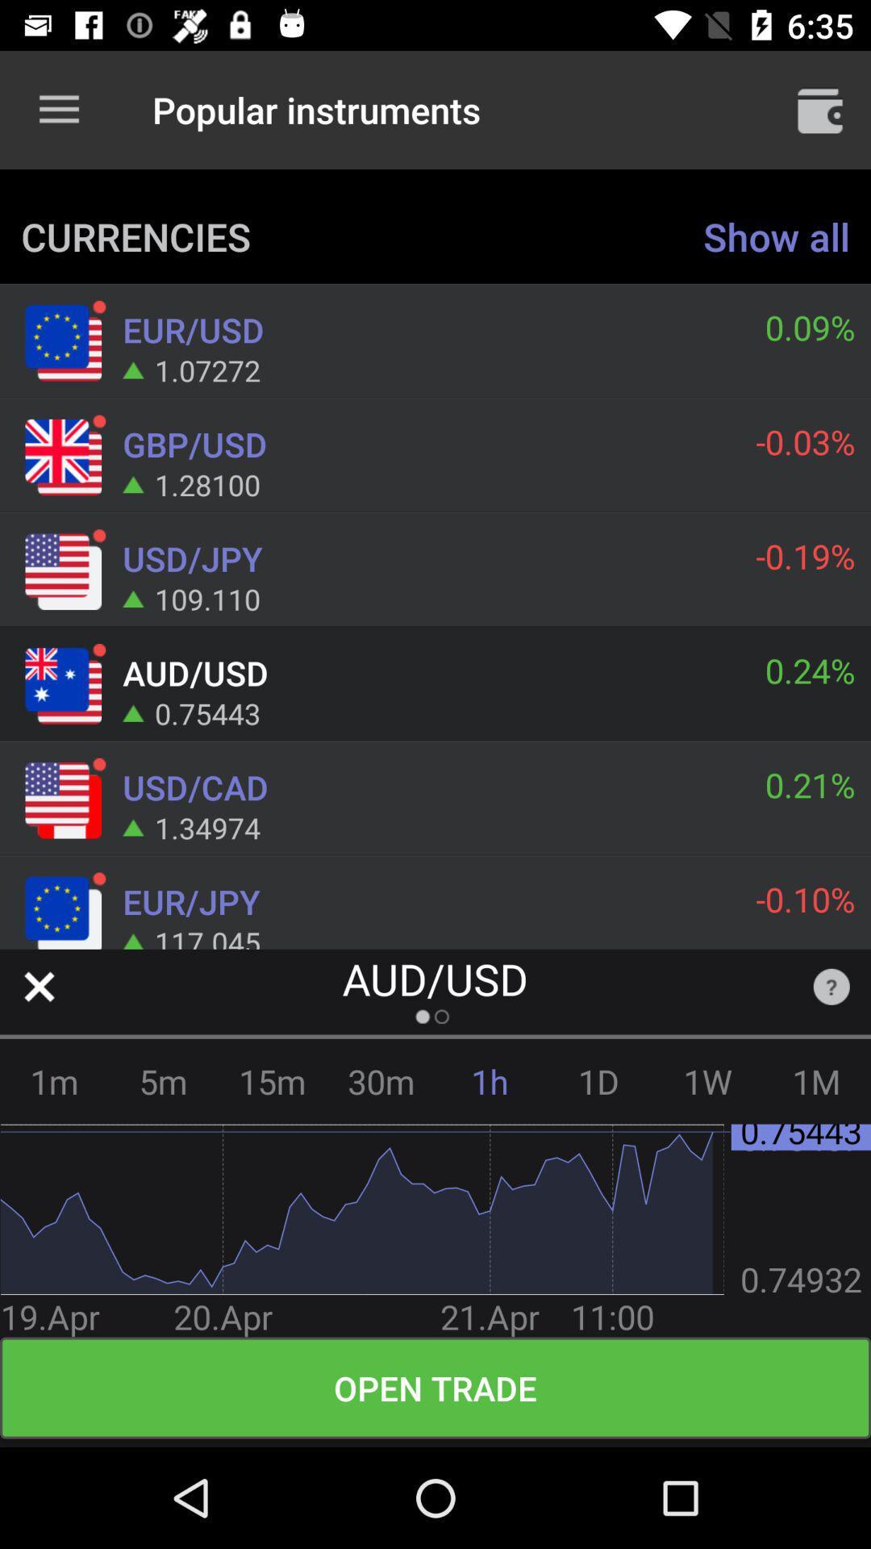 The height and width of the screenshot is (1549, 871). Describe the element at coordinates (489, 1081) in the screenshot. I see `1h icon` at that location.